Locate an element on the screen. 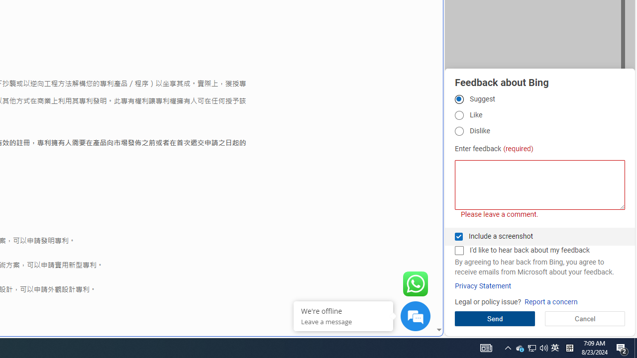 The image size is (637, 358). 'Privacy Statement' is located at coordinates (483, 286).